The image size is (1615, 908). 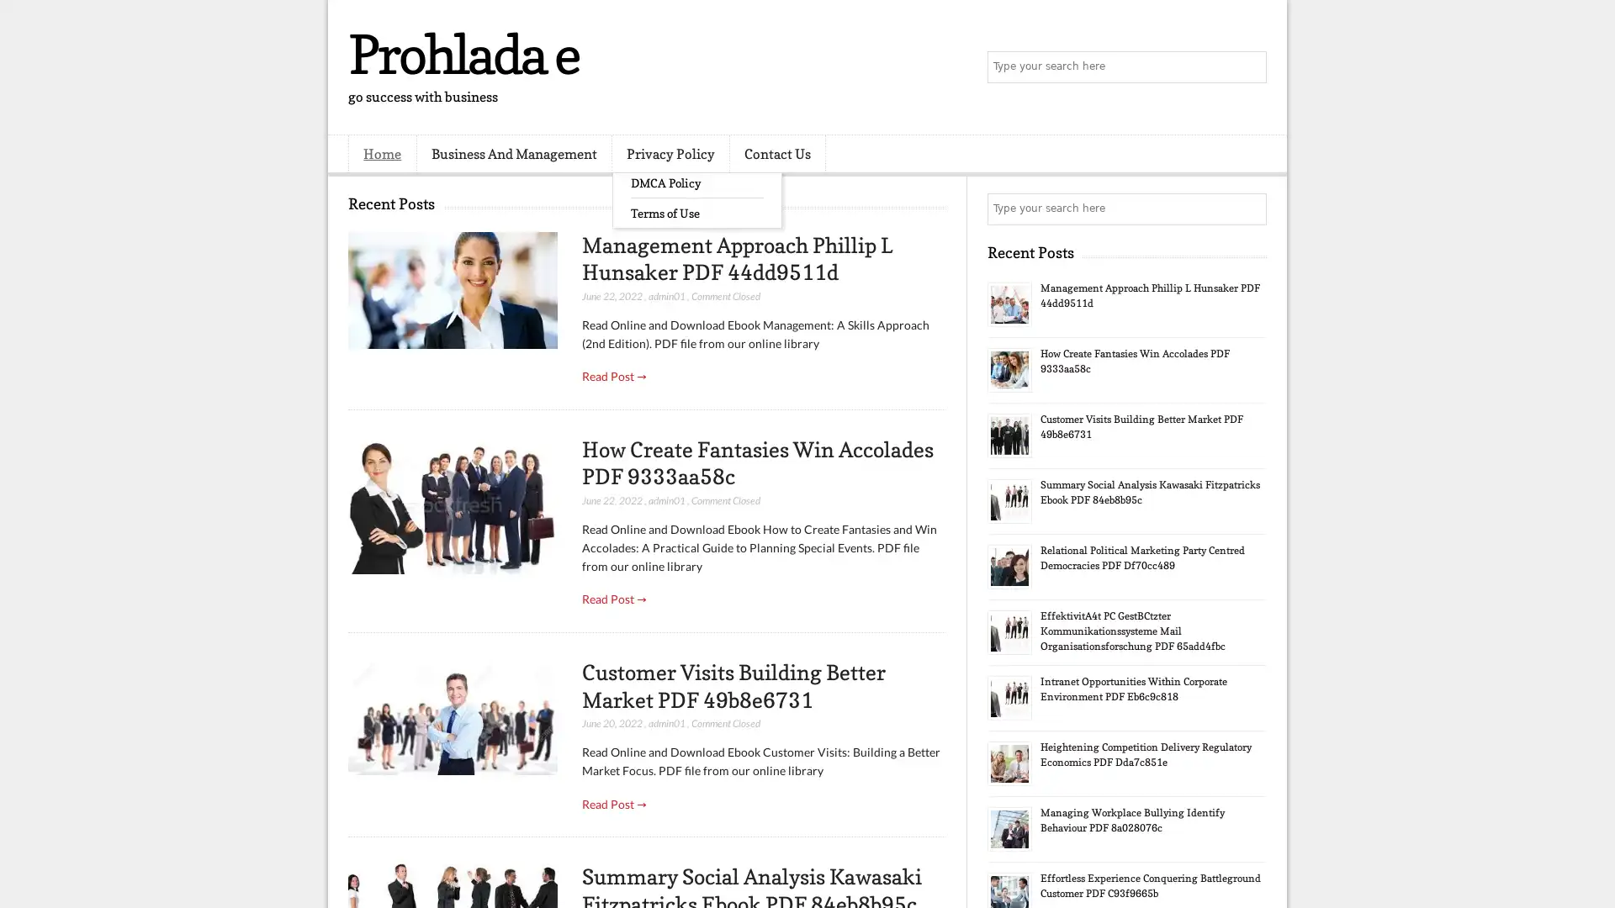 I want to click on Search, so click(x=1249, y=209).